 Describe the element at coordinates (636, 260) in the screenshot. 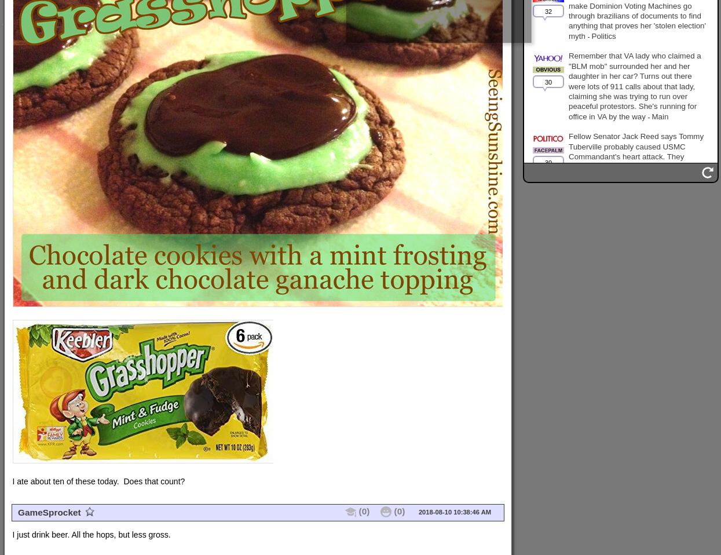

I see `'If you call protest "undemocratic," you might not understand what "democracy" is'` at that location.